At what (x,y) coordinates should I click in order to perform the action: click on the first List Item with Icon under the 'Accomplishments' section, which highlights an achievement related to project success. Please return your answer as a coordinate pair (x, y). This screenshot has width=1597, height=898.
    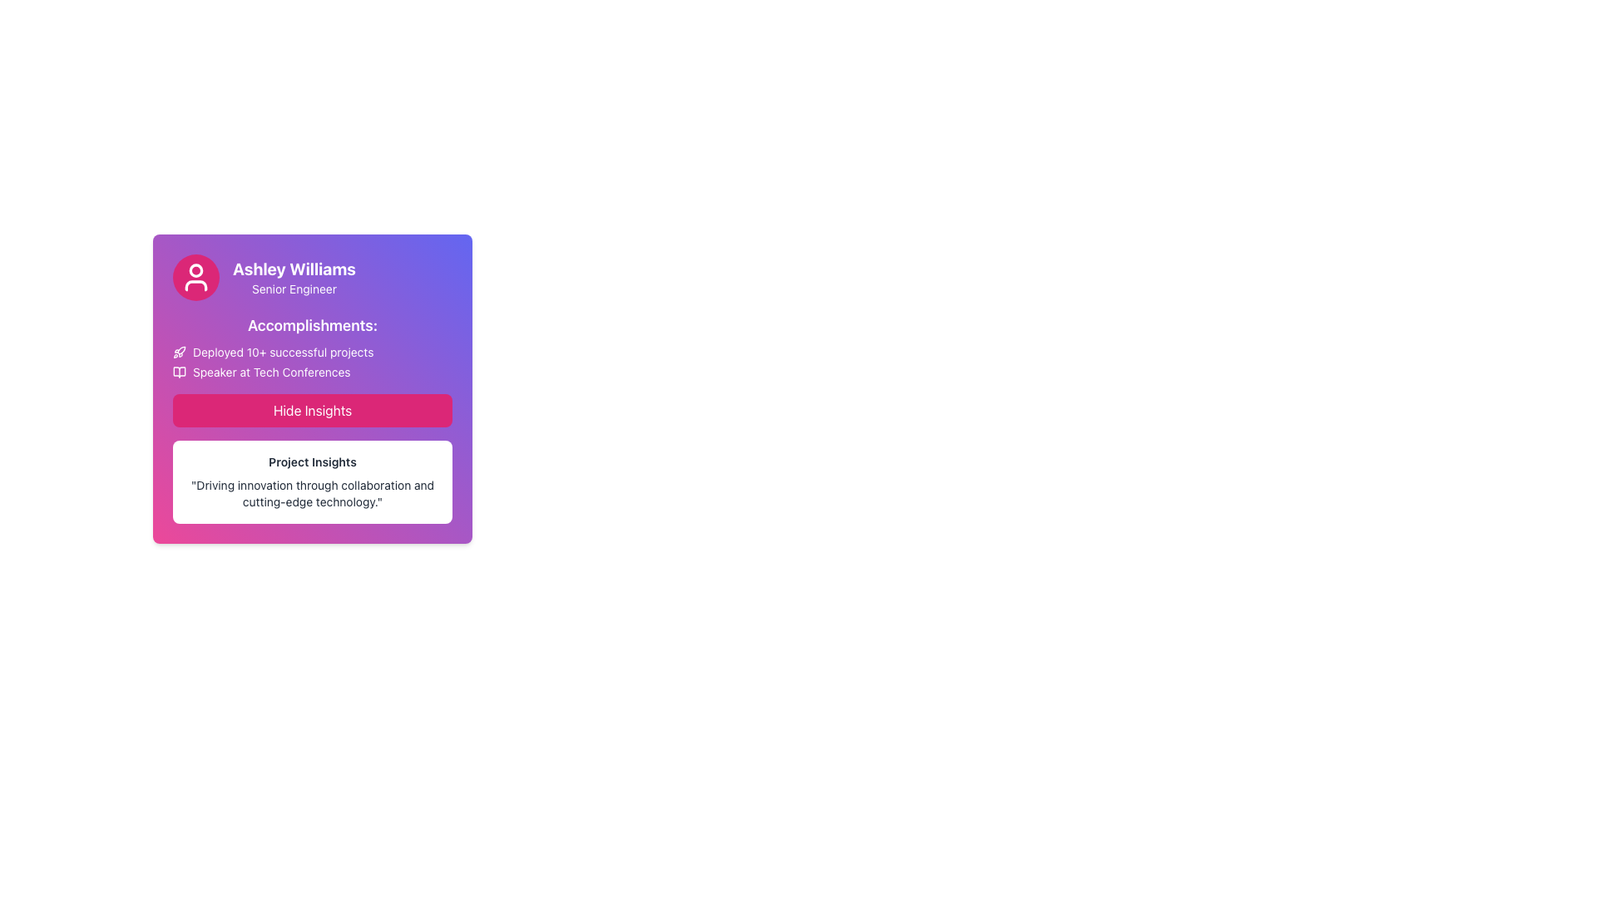
    Looking at the image, I should click on (312, 352).